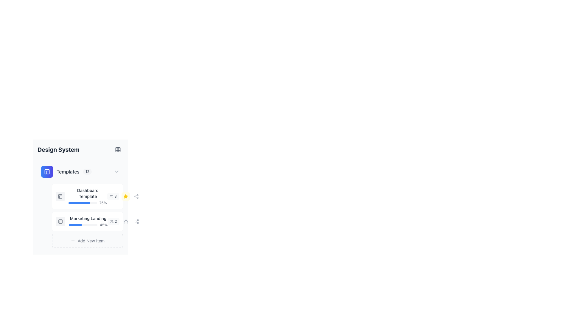 The height and width of the screenshot is (322, 572). Describe the element at coordinates (47, 171) in the screenshot. I see `the blue gradient circular icon located near the top-left corner of the interface, to the left of the 'Templates' section header in the sidebar` at that location.